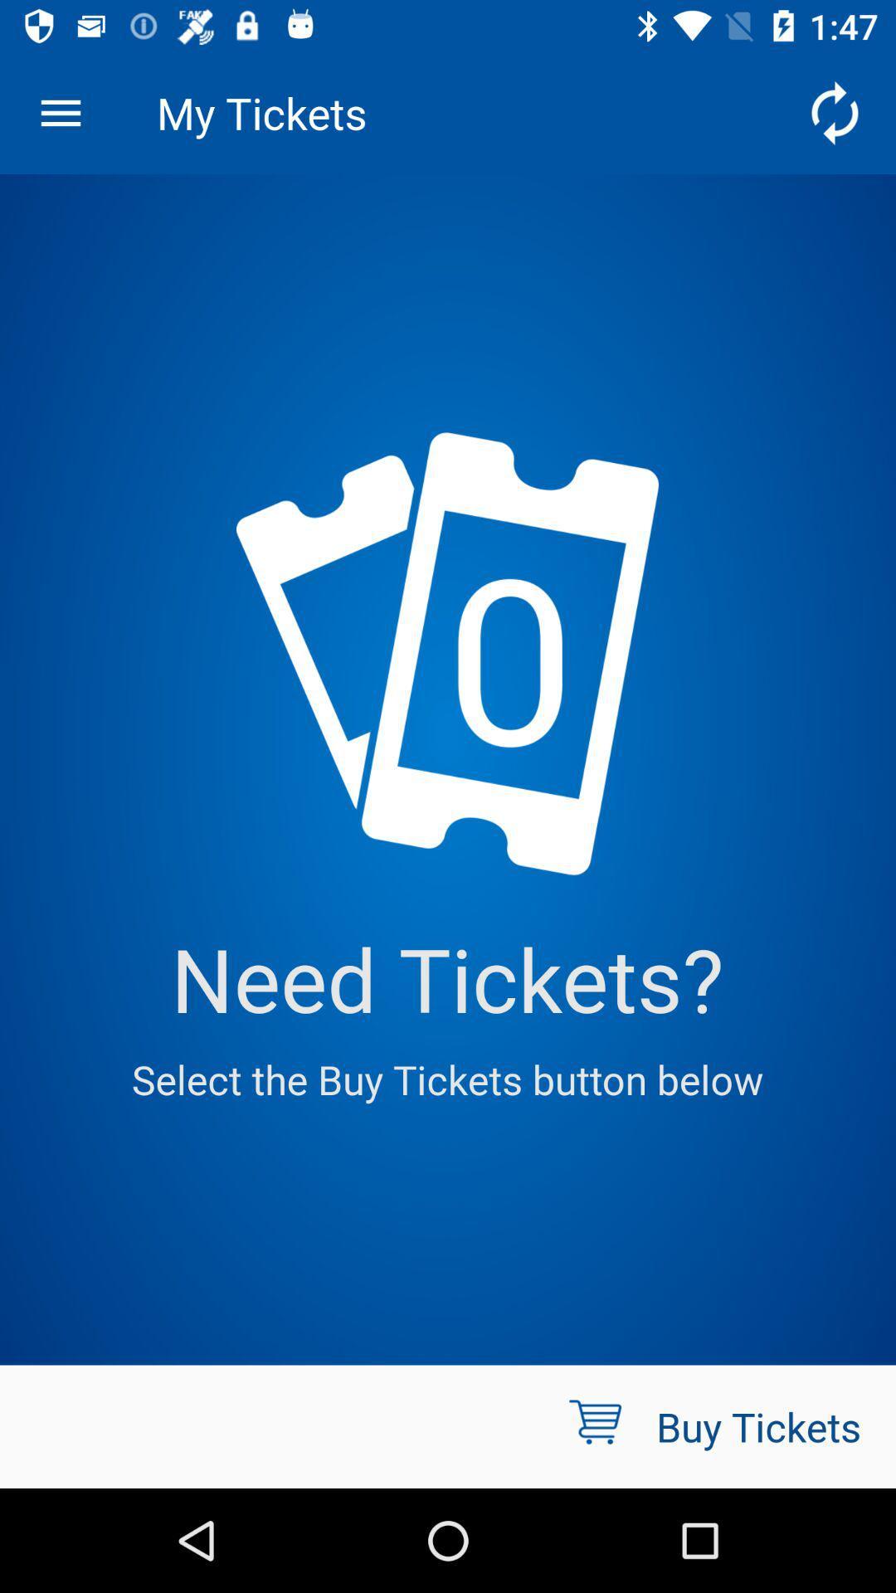 This screenshot has height=1593, width=896. What do you see at coordinates (835, 112) in the screenshot?
I see `the icon at the top right corner` at bounding box center [835, 112].